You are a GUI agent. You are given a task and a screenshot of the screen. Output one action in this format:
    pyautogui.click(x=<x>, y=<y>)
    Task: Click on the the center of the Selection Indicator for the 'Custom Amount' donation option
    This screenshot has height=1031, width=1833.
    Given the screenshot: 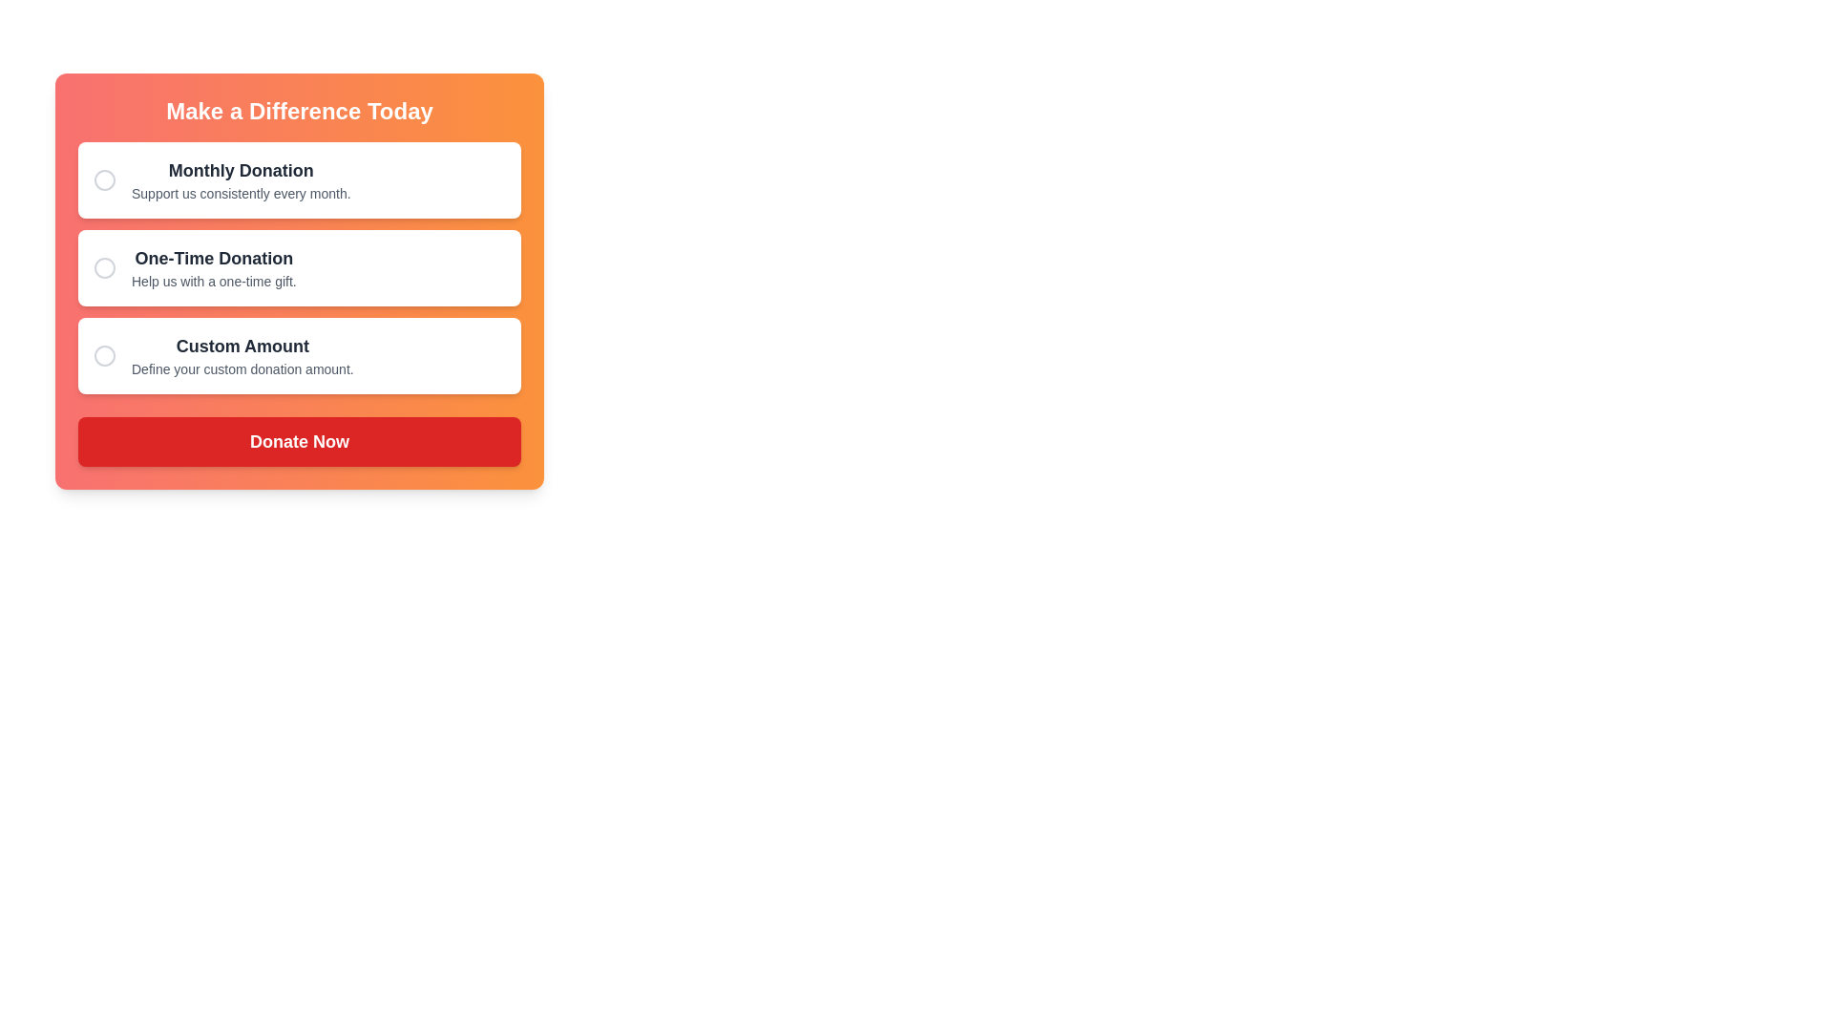 What is the action you would take?
    pyautogui.click(x=104, y=356)
    